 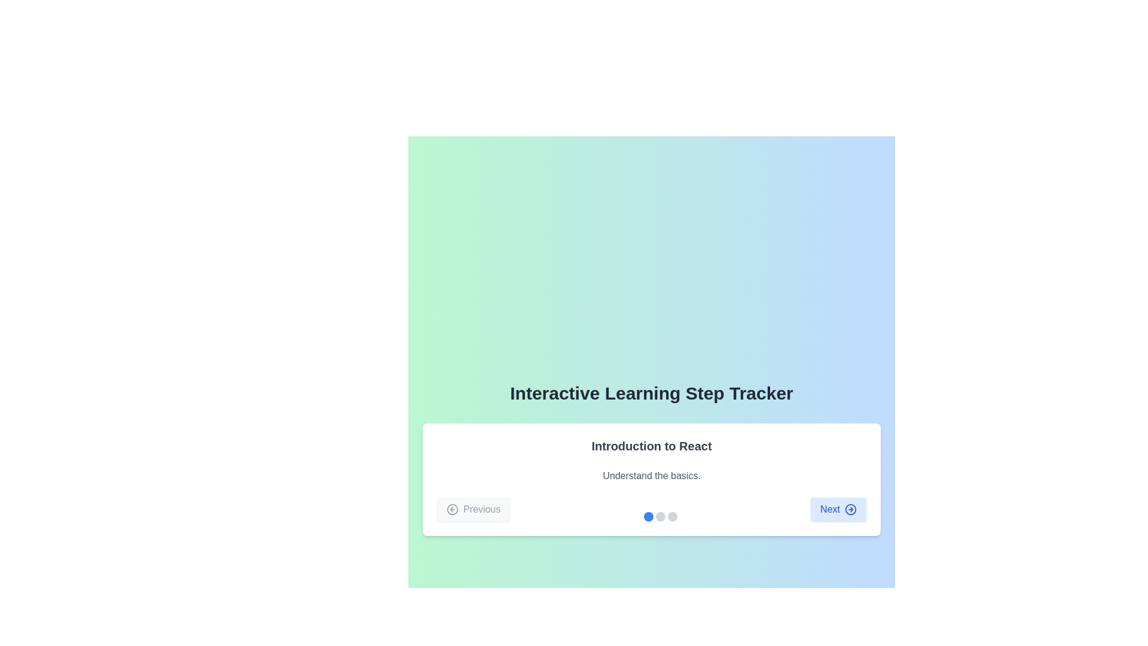 I want to click on the navigational button located at the bottom-left corner of the interface, which is the leftmost button for moving to the previous step, so click(x=473, y=510).